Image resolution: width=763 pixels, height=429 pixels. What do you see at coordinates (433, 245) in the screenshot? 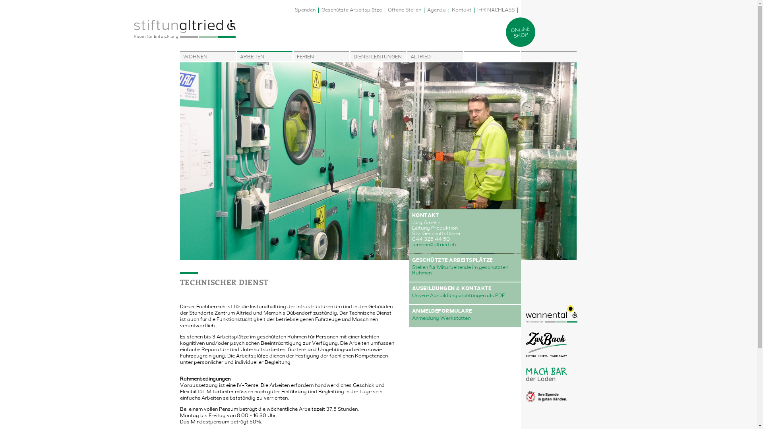
I see `'jamrein@altried.ch'` at bounding box center [433, 245].